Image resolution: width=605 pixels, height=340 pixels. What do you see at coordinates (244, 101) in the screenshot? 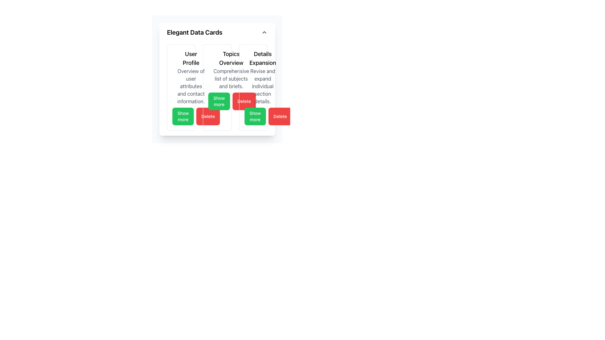
I see `the delete button located below the 'Topics Overview' section to observe the color change` at bounding box center [244, 101].